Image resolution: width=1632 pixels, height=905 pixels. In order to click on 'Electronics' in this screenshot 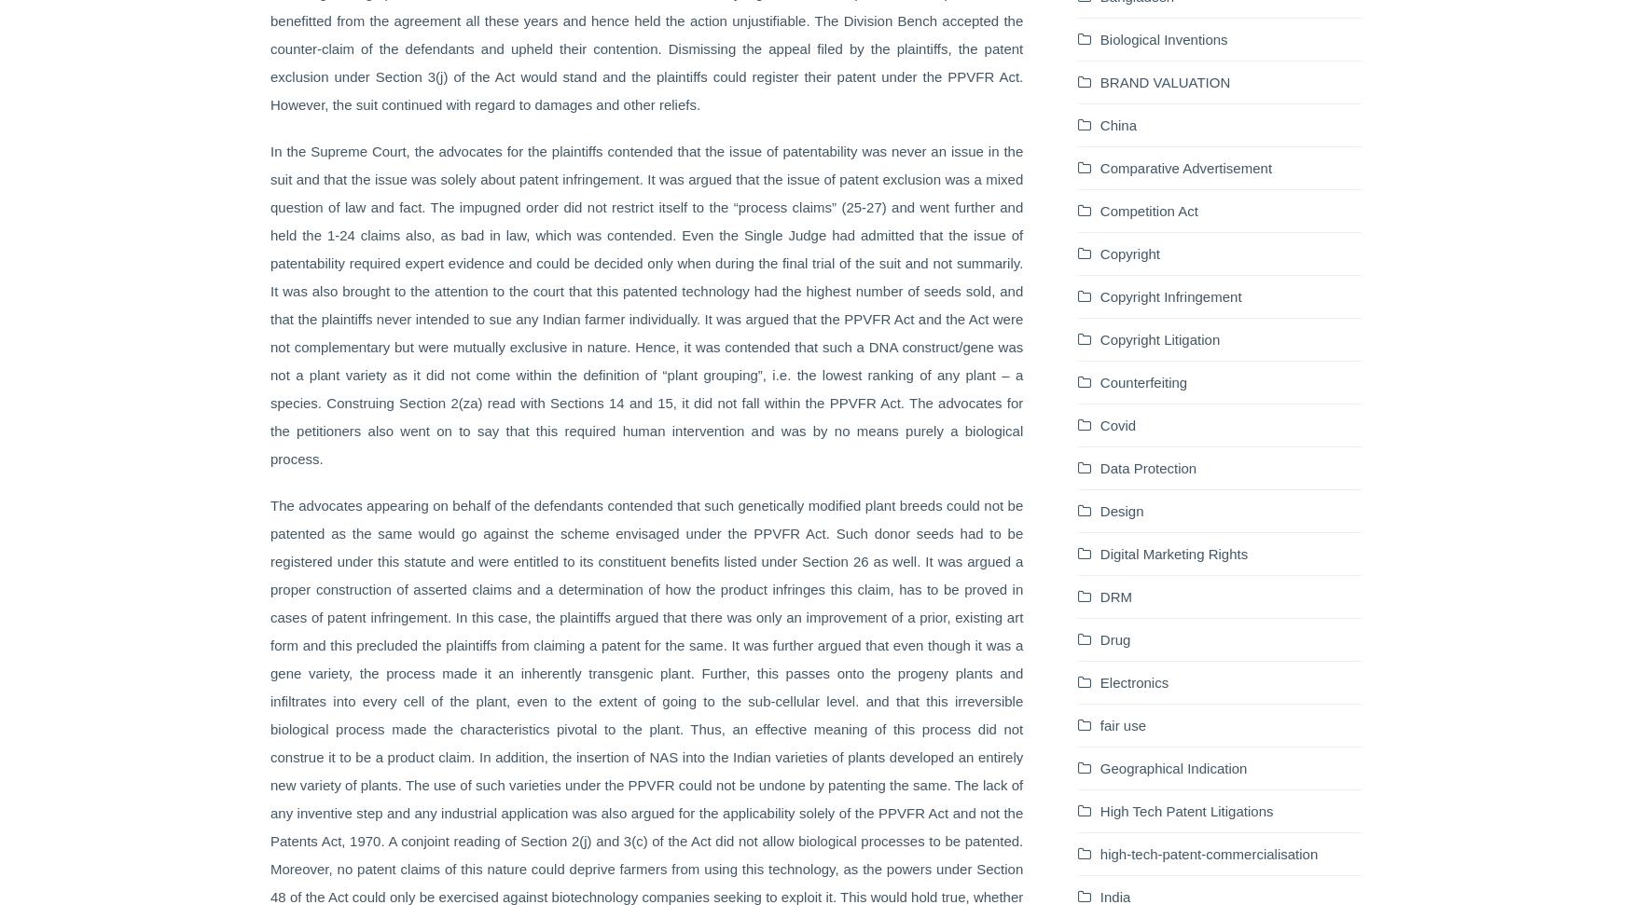, I will do `click(1134, 680)`.